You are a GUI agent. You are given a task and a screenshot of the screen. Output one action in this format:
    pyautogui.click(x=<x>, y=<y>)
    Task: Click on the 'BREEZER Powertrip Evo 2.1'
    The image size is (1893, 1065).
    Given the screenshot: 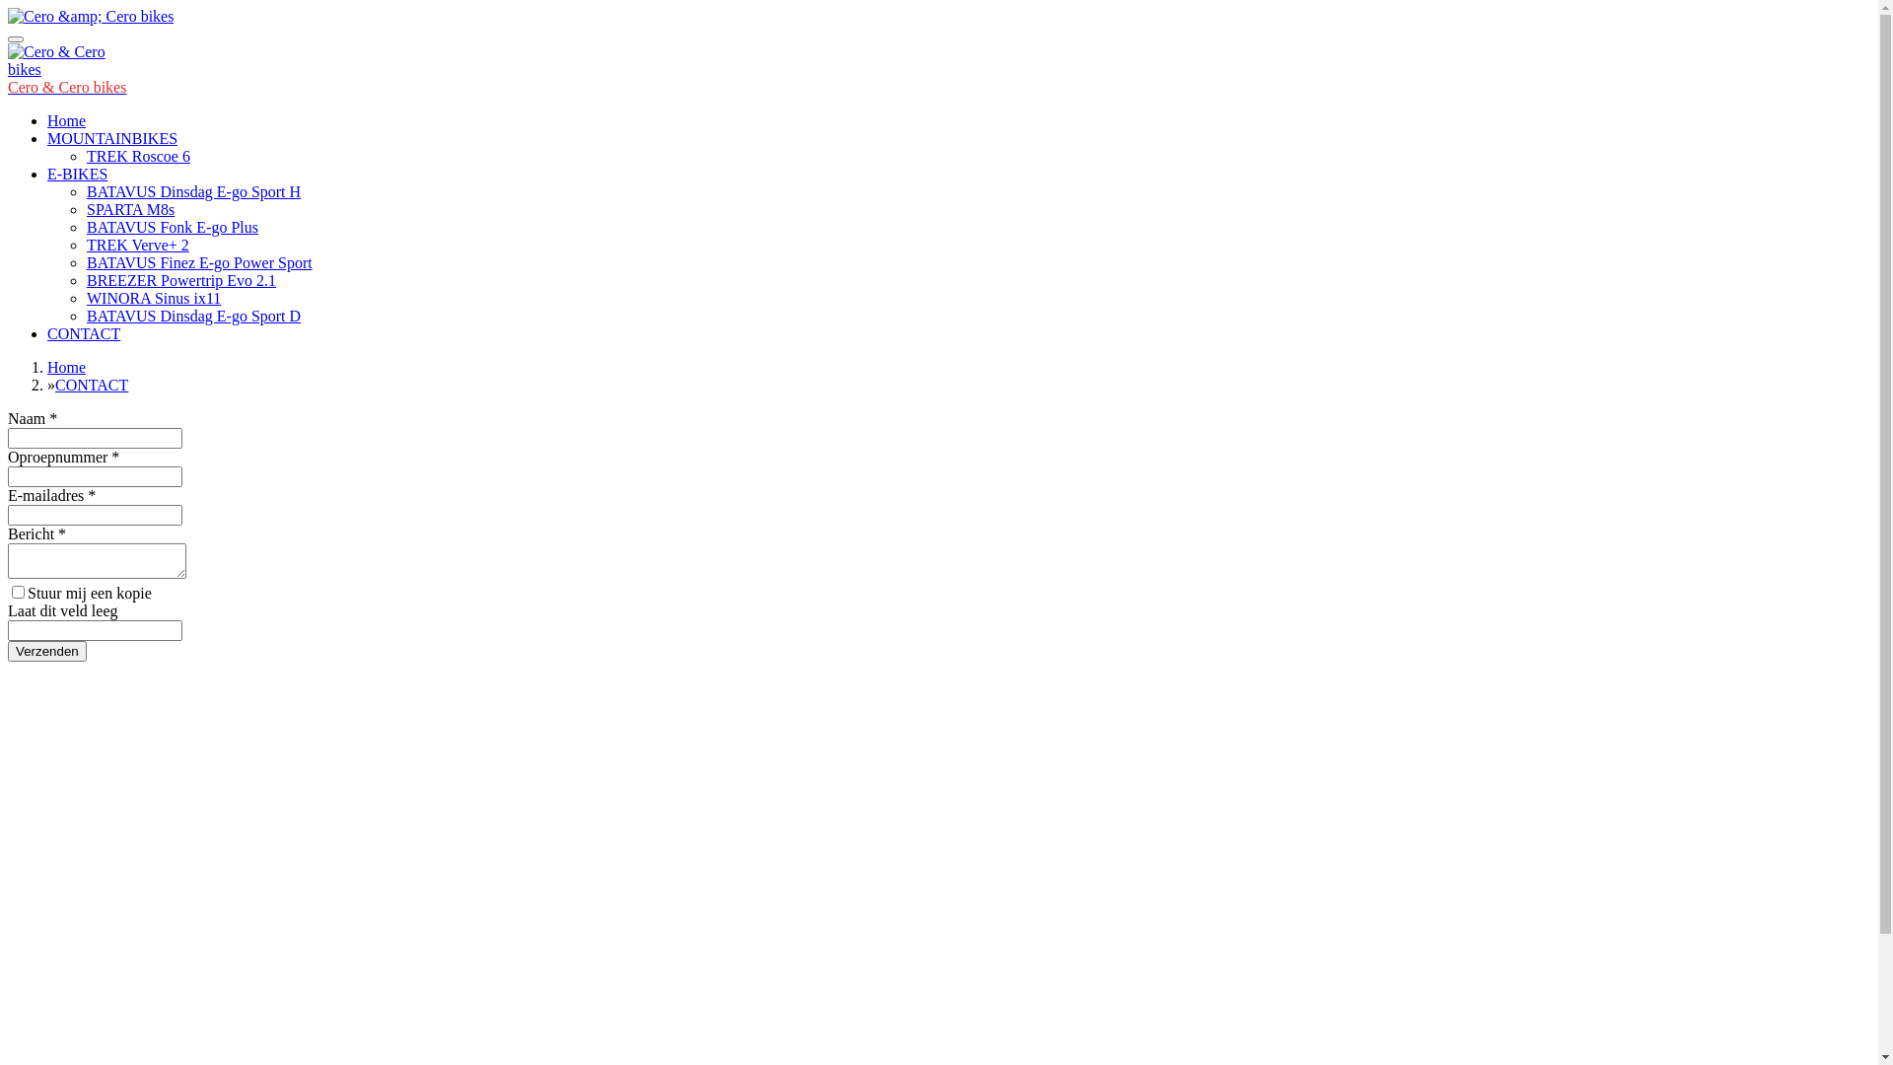 What is the action you would take?
    pyautogui.click(x=180, y=280)
    